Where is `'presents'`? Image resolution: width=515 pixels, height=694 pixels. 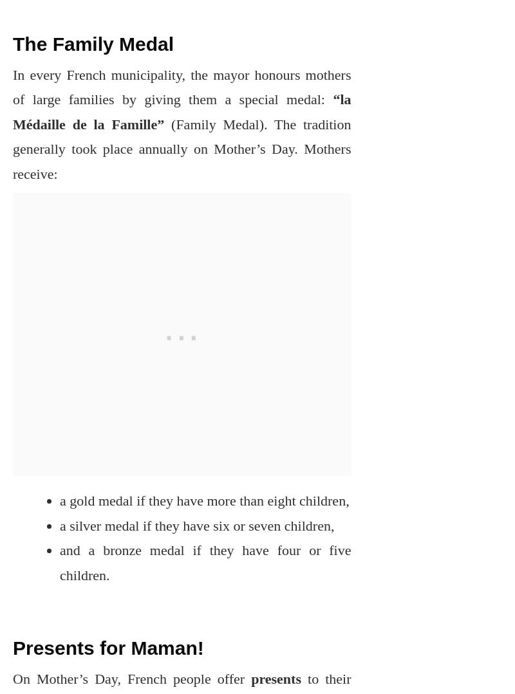
'presents' is located at coordinates (244, 677).